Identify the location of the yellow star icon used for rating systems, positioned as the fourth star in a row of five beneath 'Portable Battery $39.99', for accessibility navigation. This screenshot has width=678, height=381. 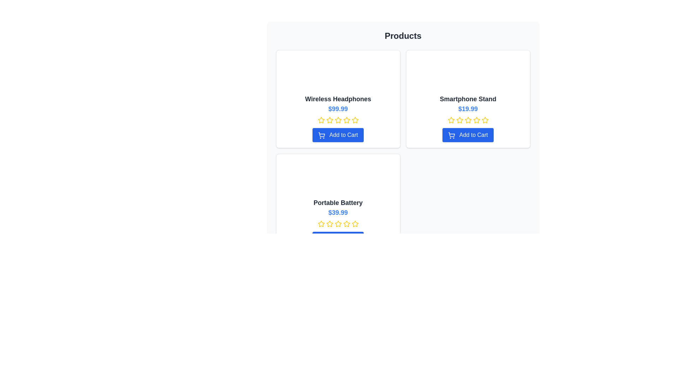
(338, 224).